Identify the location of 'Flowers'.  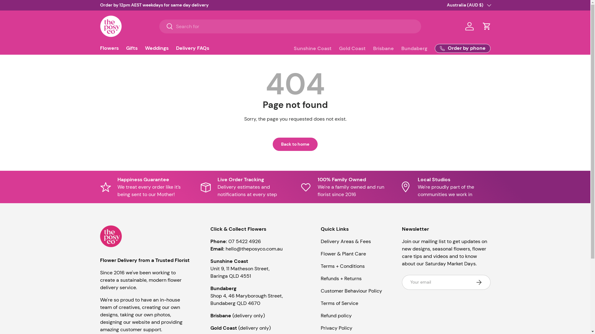
(99, 48).